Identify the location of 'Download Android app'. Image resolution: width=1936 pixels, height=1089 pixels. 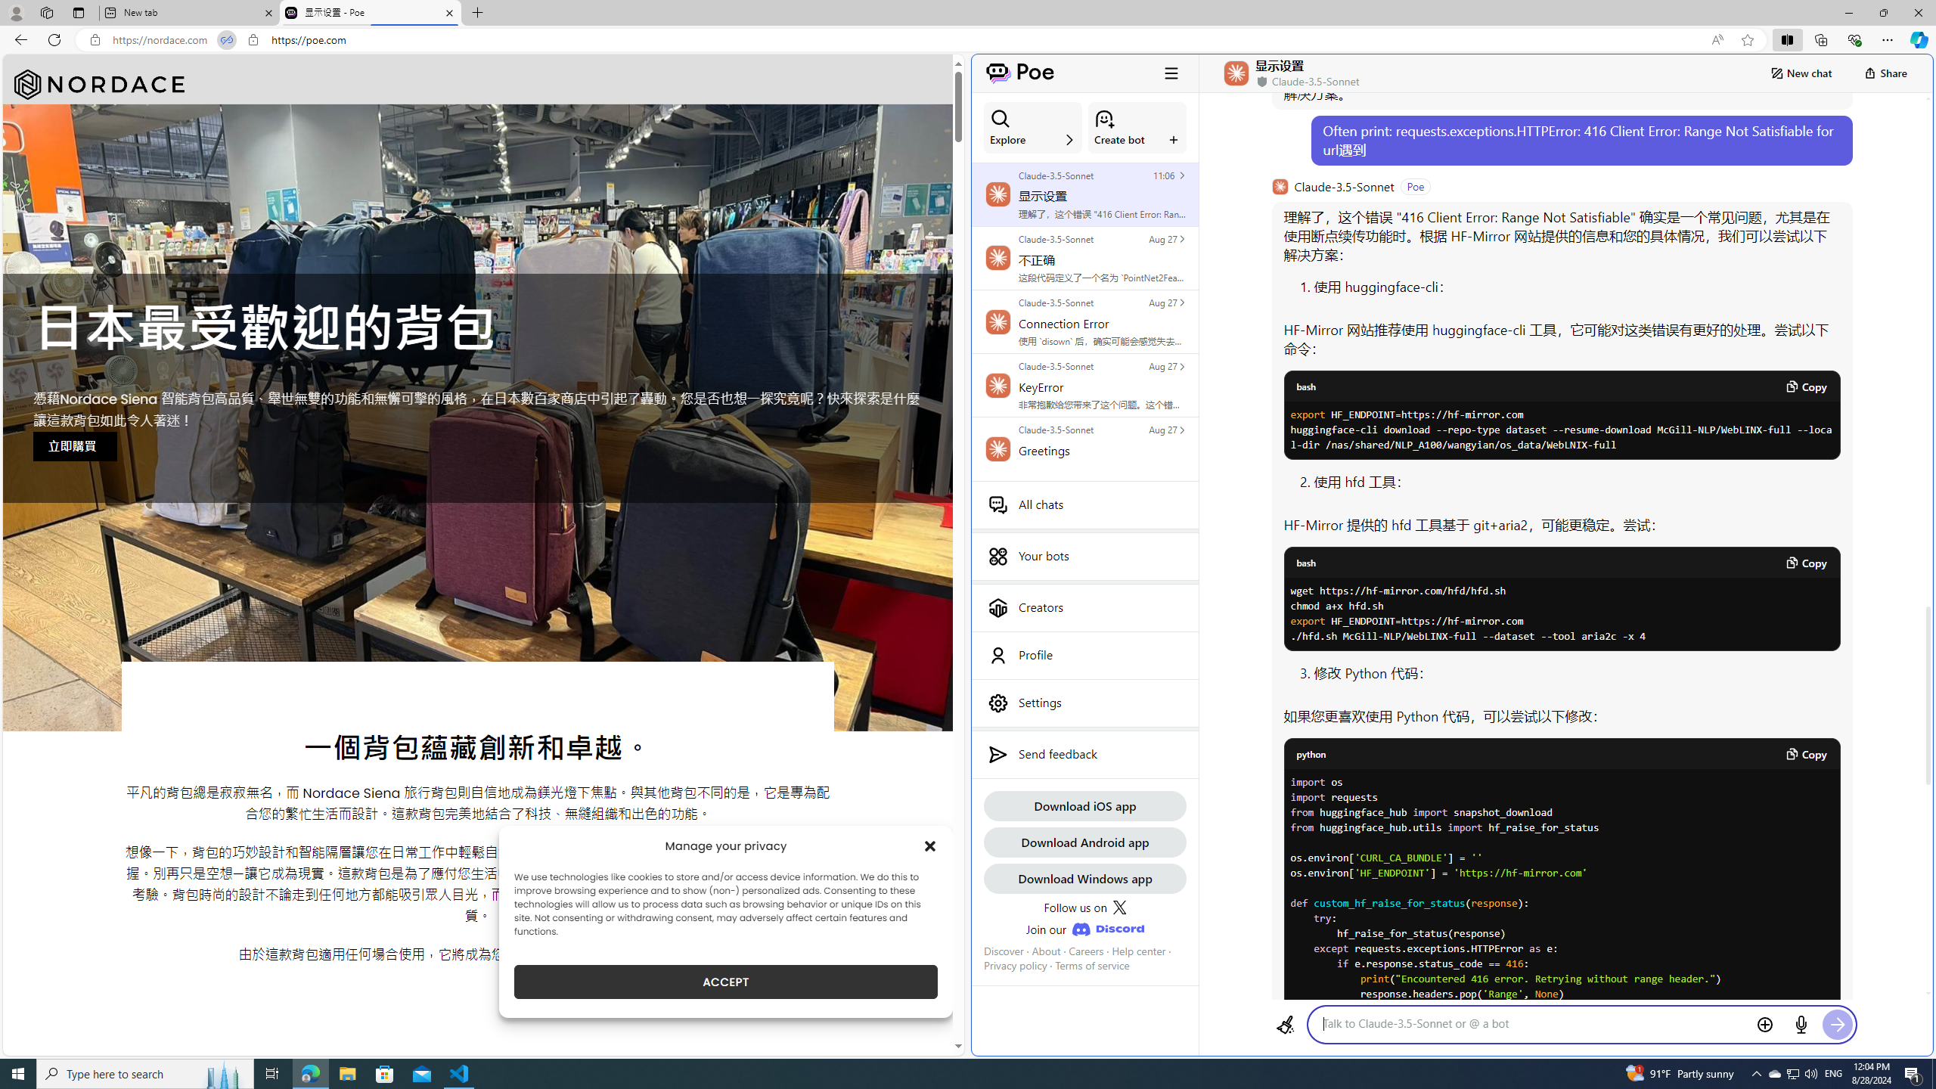
(1084, 841).